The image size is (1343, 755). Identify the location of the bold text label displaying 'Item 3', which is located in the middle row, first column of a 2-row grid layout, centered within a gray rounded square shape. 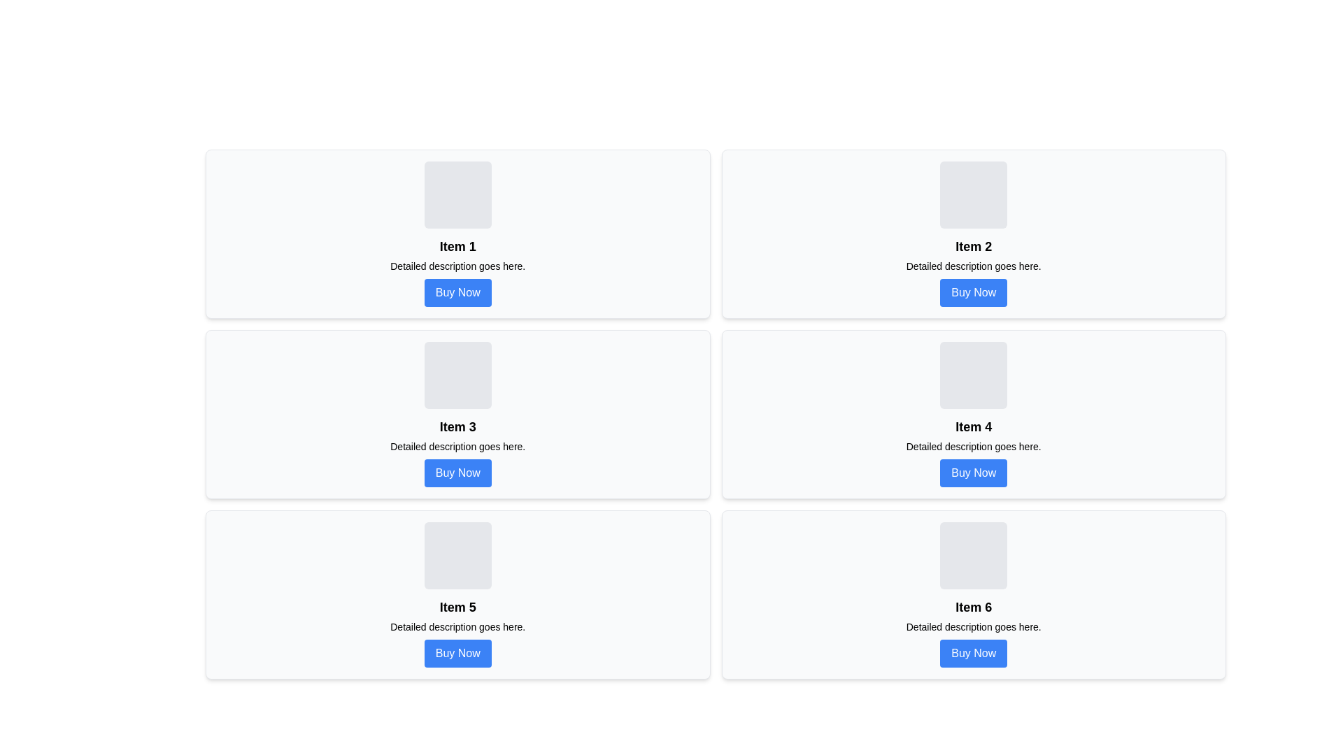
(457, 426).